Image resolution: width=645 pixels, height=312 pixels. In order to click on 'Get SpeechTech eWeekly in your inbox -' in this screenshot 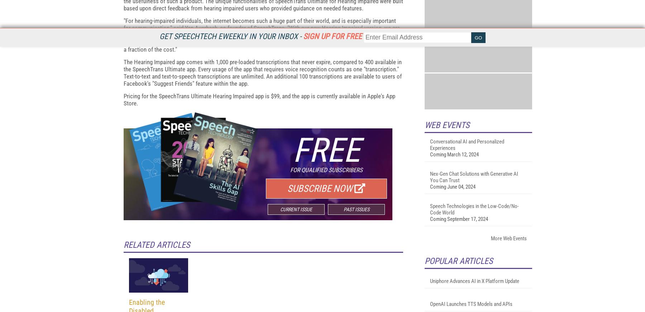, I will do `click(231, 36)`.